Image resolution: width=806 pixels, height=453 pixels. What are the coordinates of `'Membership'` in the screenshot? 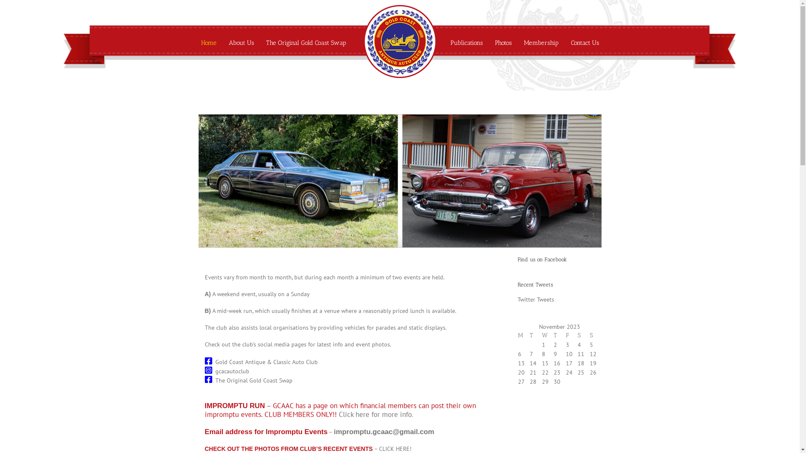 It's located at (541, 42).